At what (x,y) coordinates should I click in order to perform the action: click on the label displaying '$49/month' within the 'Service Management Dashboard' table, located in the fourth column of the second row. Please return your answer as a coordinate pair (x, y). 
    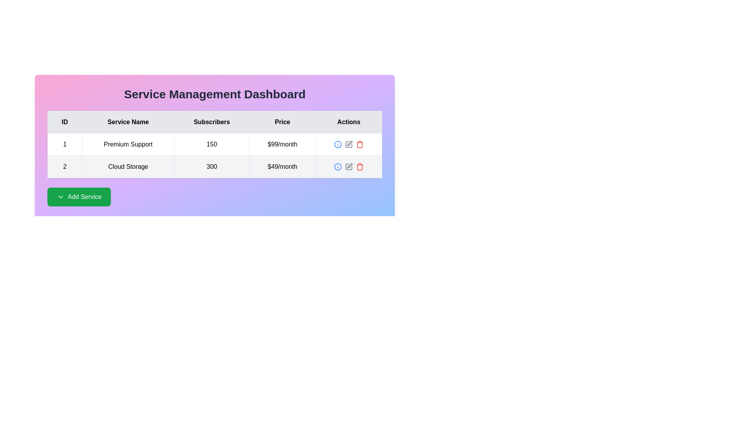
    Looking at the image, I should click on (282, 166).